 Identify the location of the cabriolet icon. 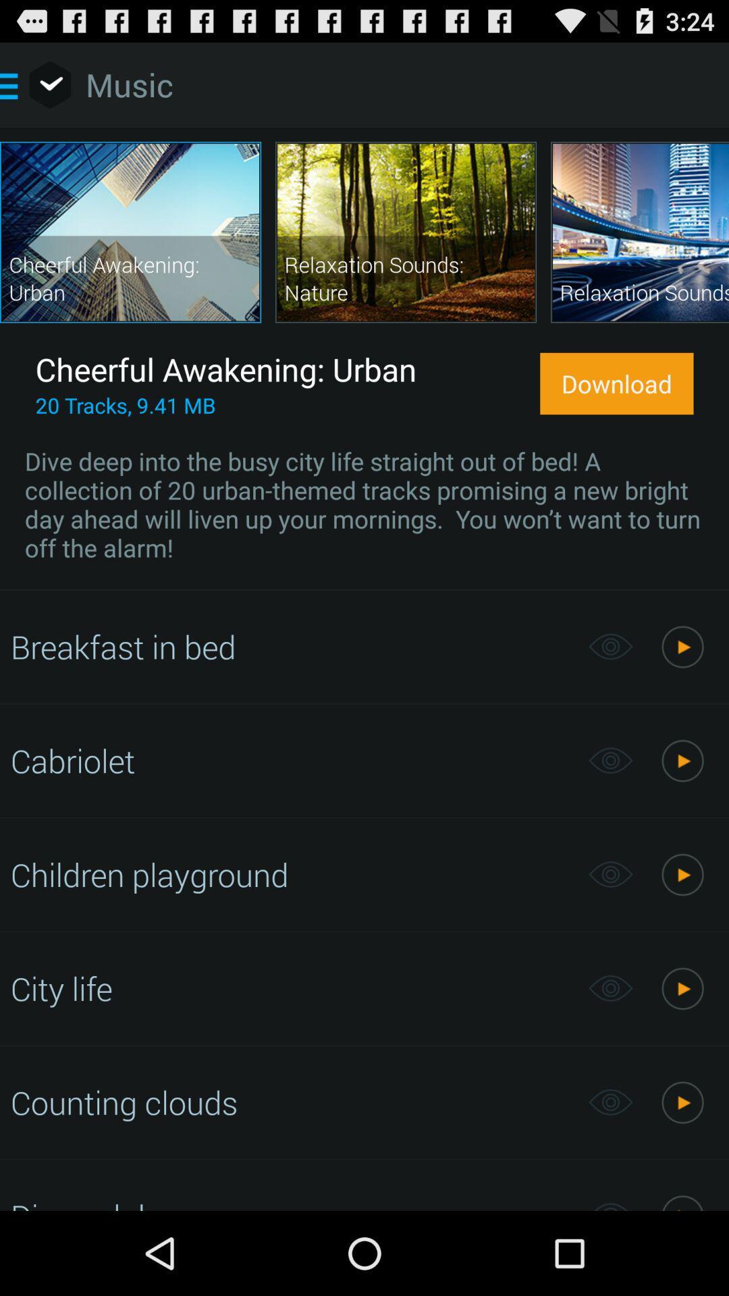
(292, 760).